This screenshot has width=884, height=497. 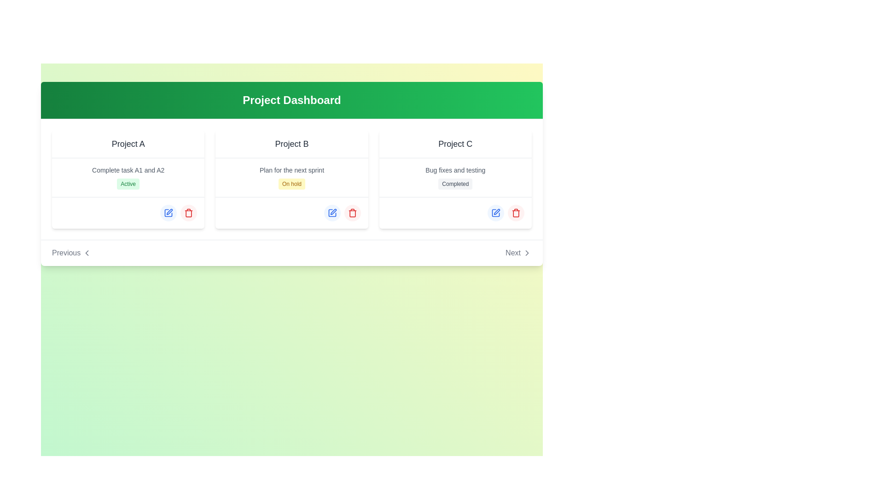 I want to click on the 'edit' button located in the bottom-right section of the card for 'Project C' to initiate editing the associated project, so click(x=495, y=213).